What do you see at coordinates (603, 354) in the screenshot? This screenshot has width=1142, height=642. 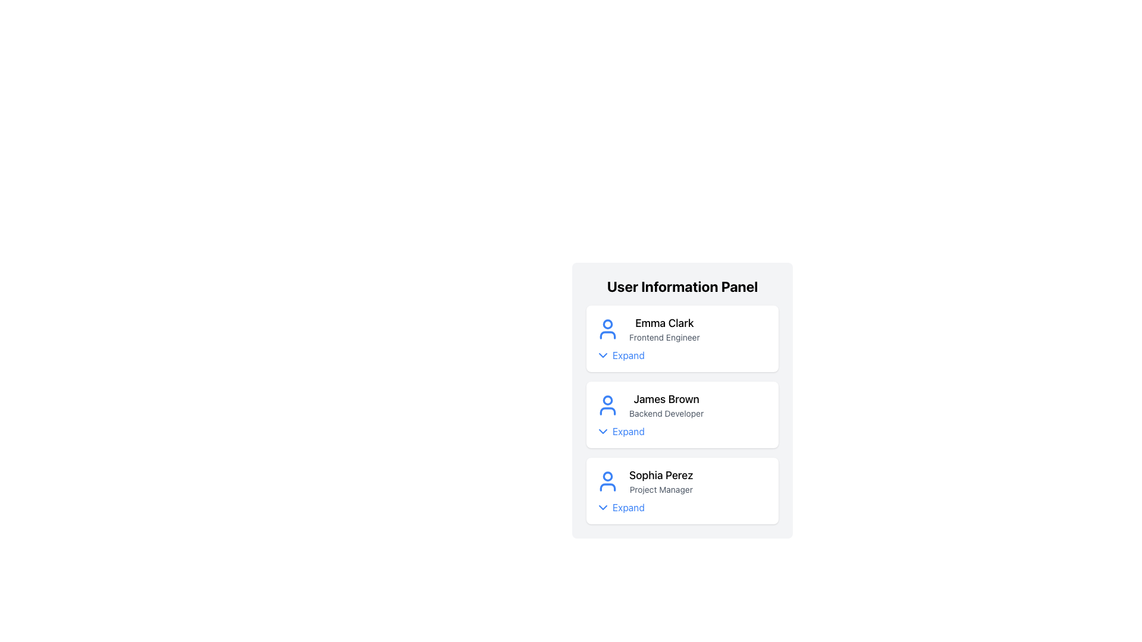 I see `the chevron icon next to the 'Expand' text in the profile block of 'Emma Clark'` at bounding box center [603, 354].